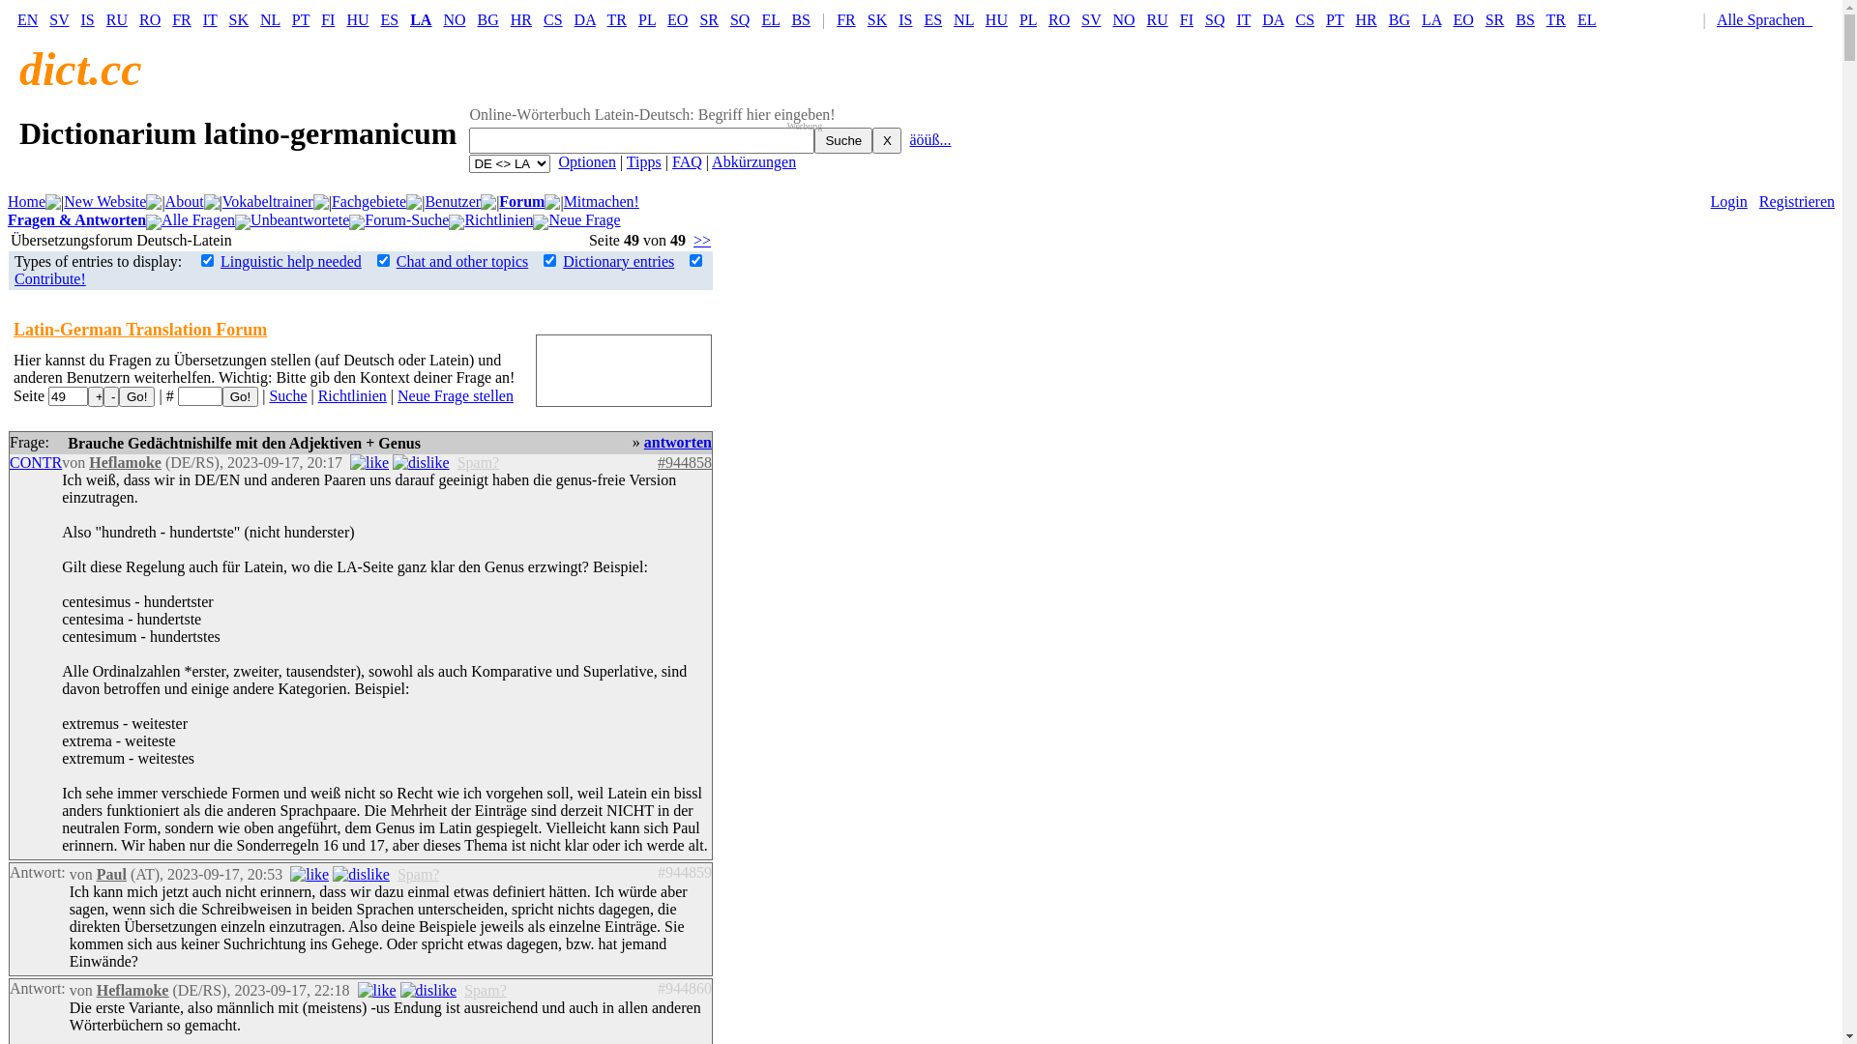 Image resolution: width=1857 pixels, height=1044 pixels. What do you see at coordinates (738, 19) in the screenshot?
I see `'SQ'` at bounding box center [738, 19].